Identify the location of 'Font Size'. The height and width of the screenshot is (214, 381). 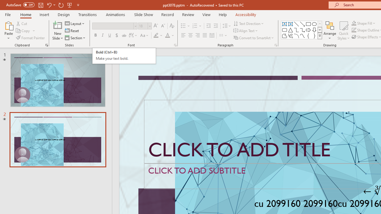
(145, 26).